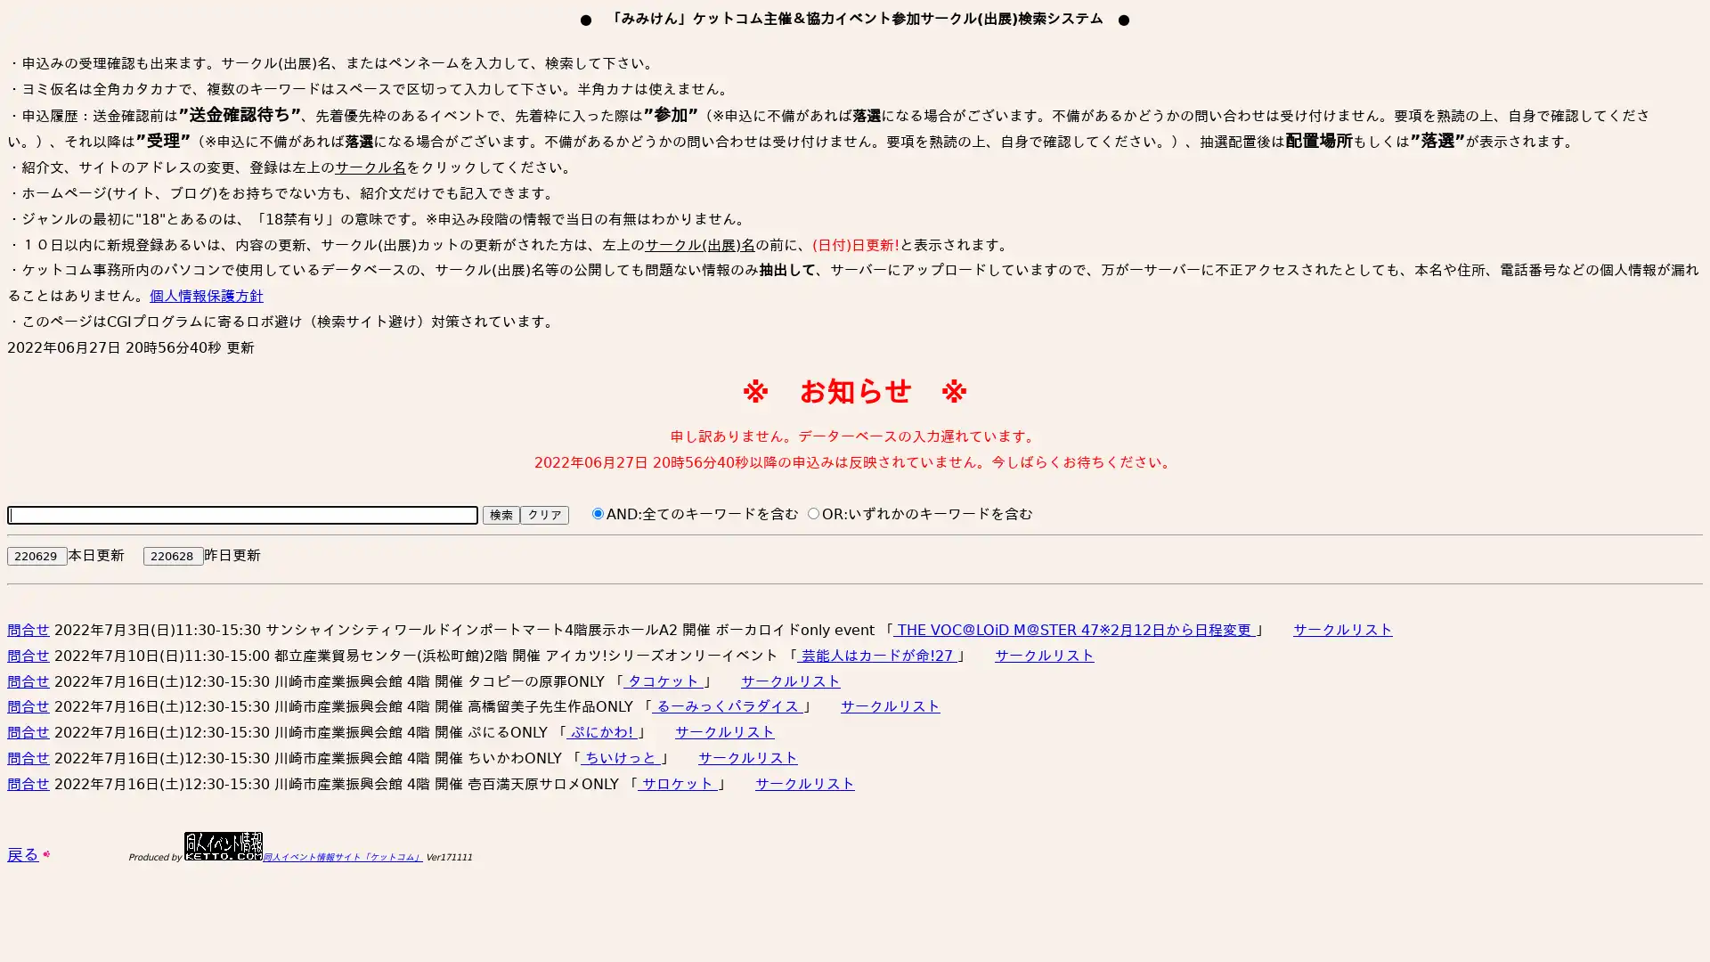 The height and width of the screenshot is (962, 1710). I want to click on 220629, so click(37, 555).